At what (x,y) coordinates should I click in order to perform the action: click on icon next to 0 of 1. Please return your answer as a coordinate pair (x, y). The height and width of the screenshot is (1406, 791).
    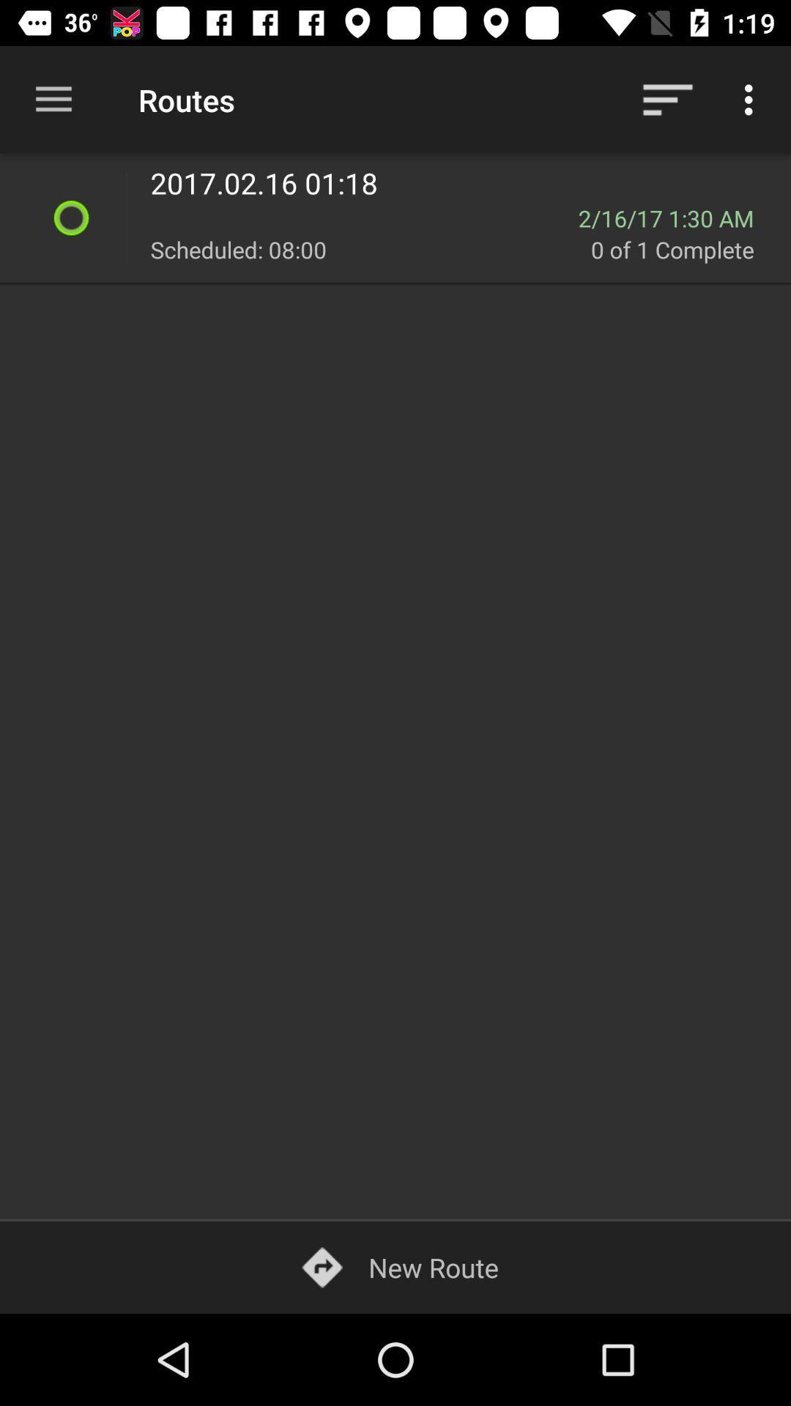
    Looking at the image, I should click on (370, 249).